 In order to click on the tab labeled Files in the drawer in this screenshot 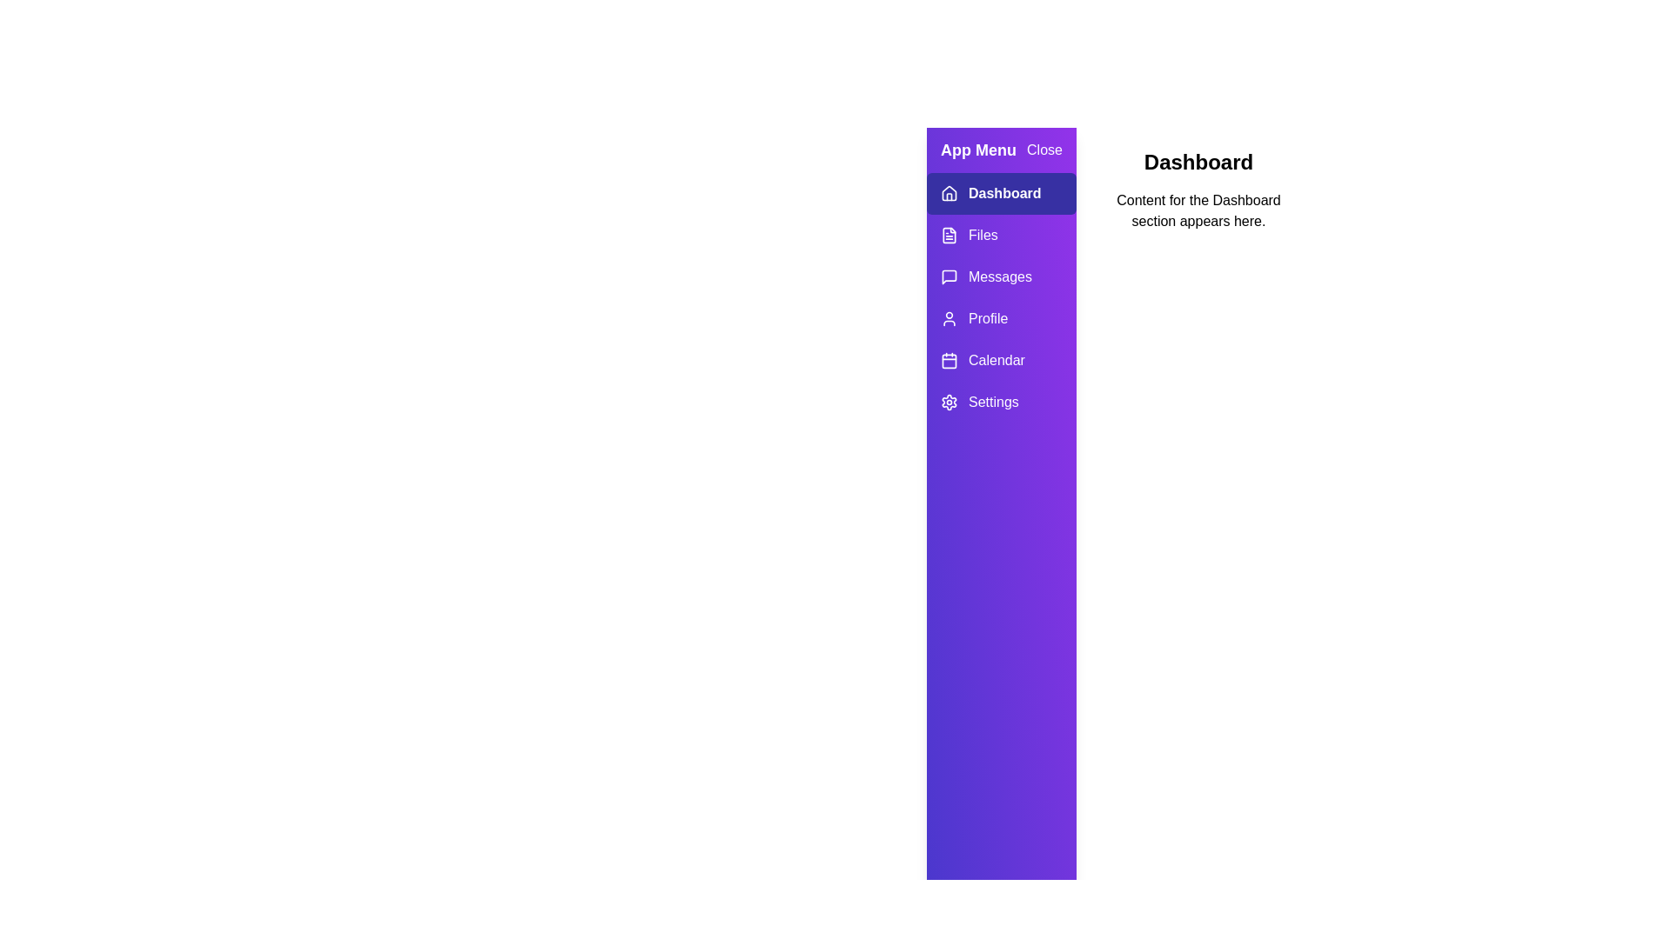, I will do `click(1002, 235)`.